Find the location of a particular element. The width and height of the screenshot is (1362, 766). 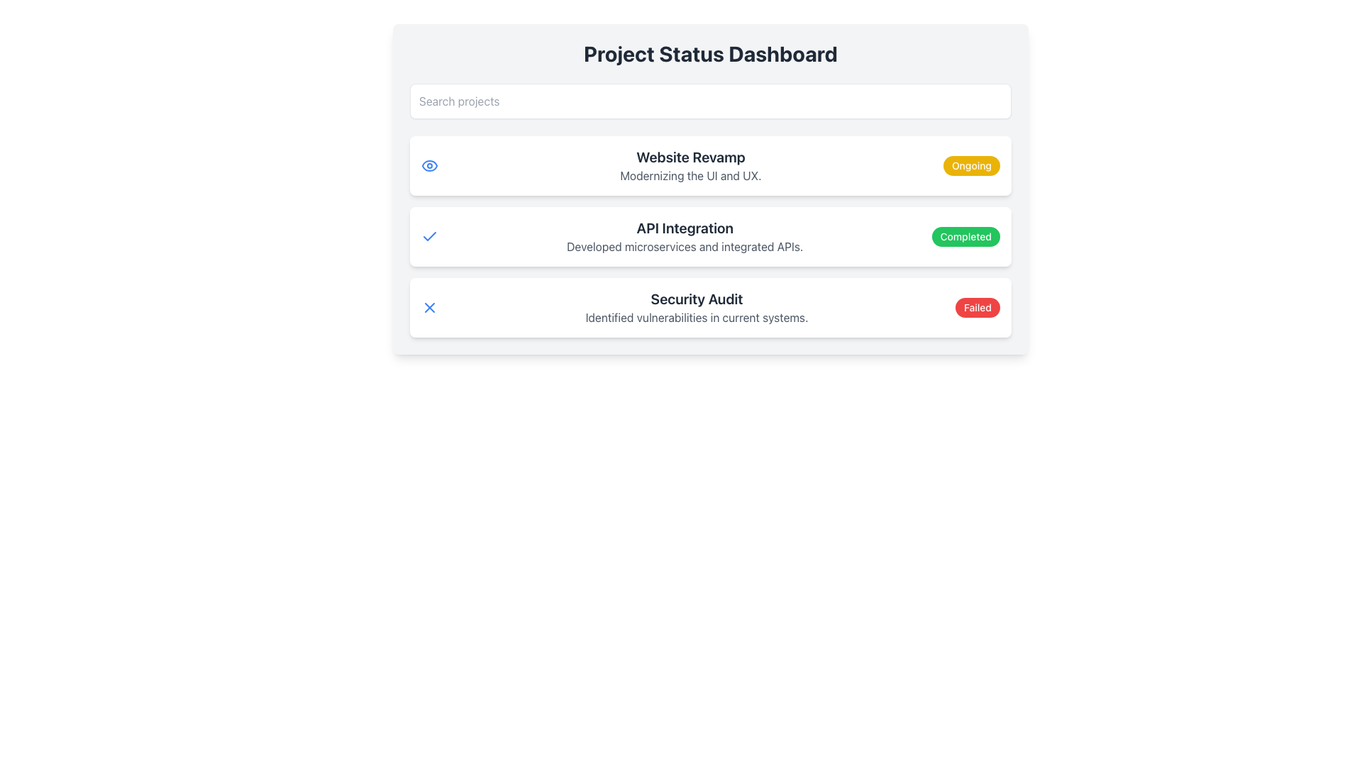

the text label 'Identified vulnerabilities in current systems.' located below the 'Security Audit' heading in the third row of the project list is located at coordinates (697, 316).